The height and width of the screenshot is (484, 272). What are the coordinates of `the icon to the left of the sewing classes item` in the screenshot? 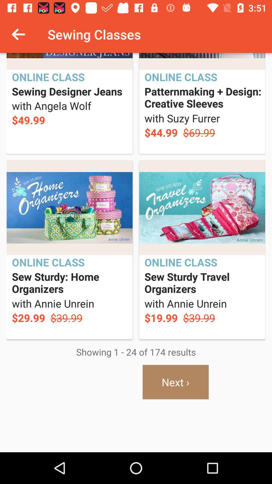 It's located at (18, 34).